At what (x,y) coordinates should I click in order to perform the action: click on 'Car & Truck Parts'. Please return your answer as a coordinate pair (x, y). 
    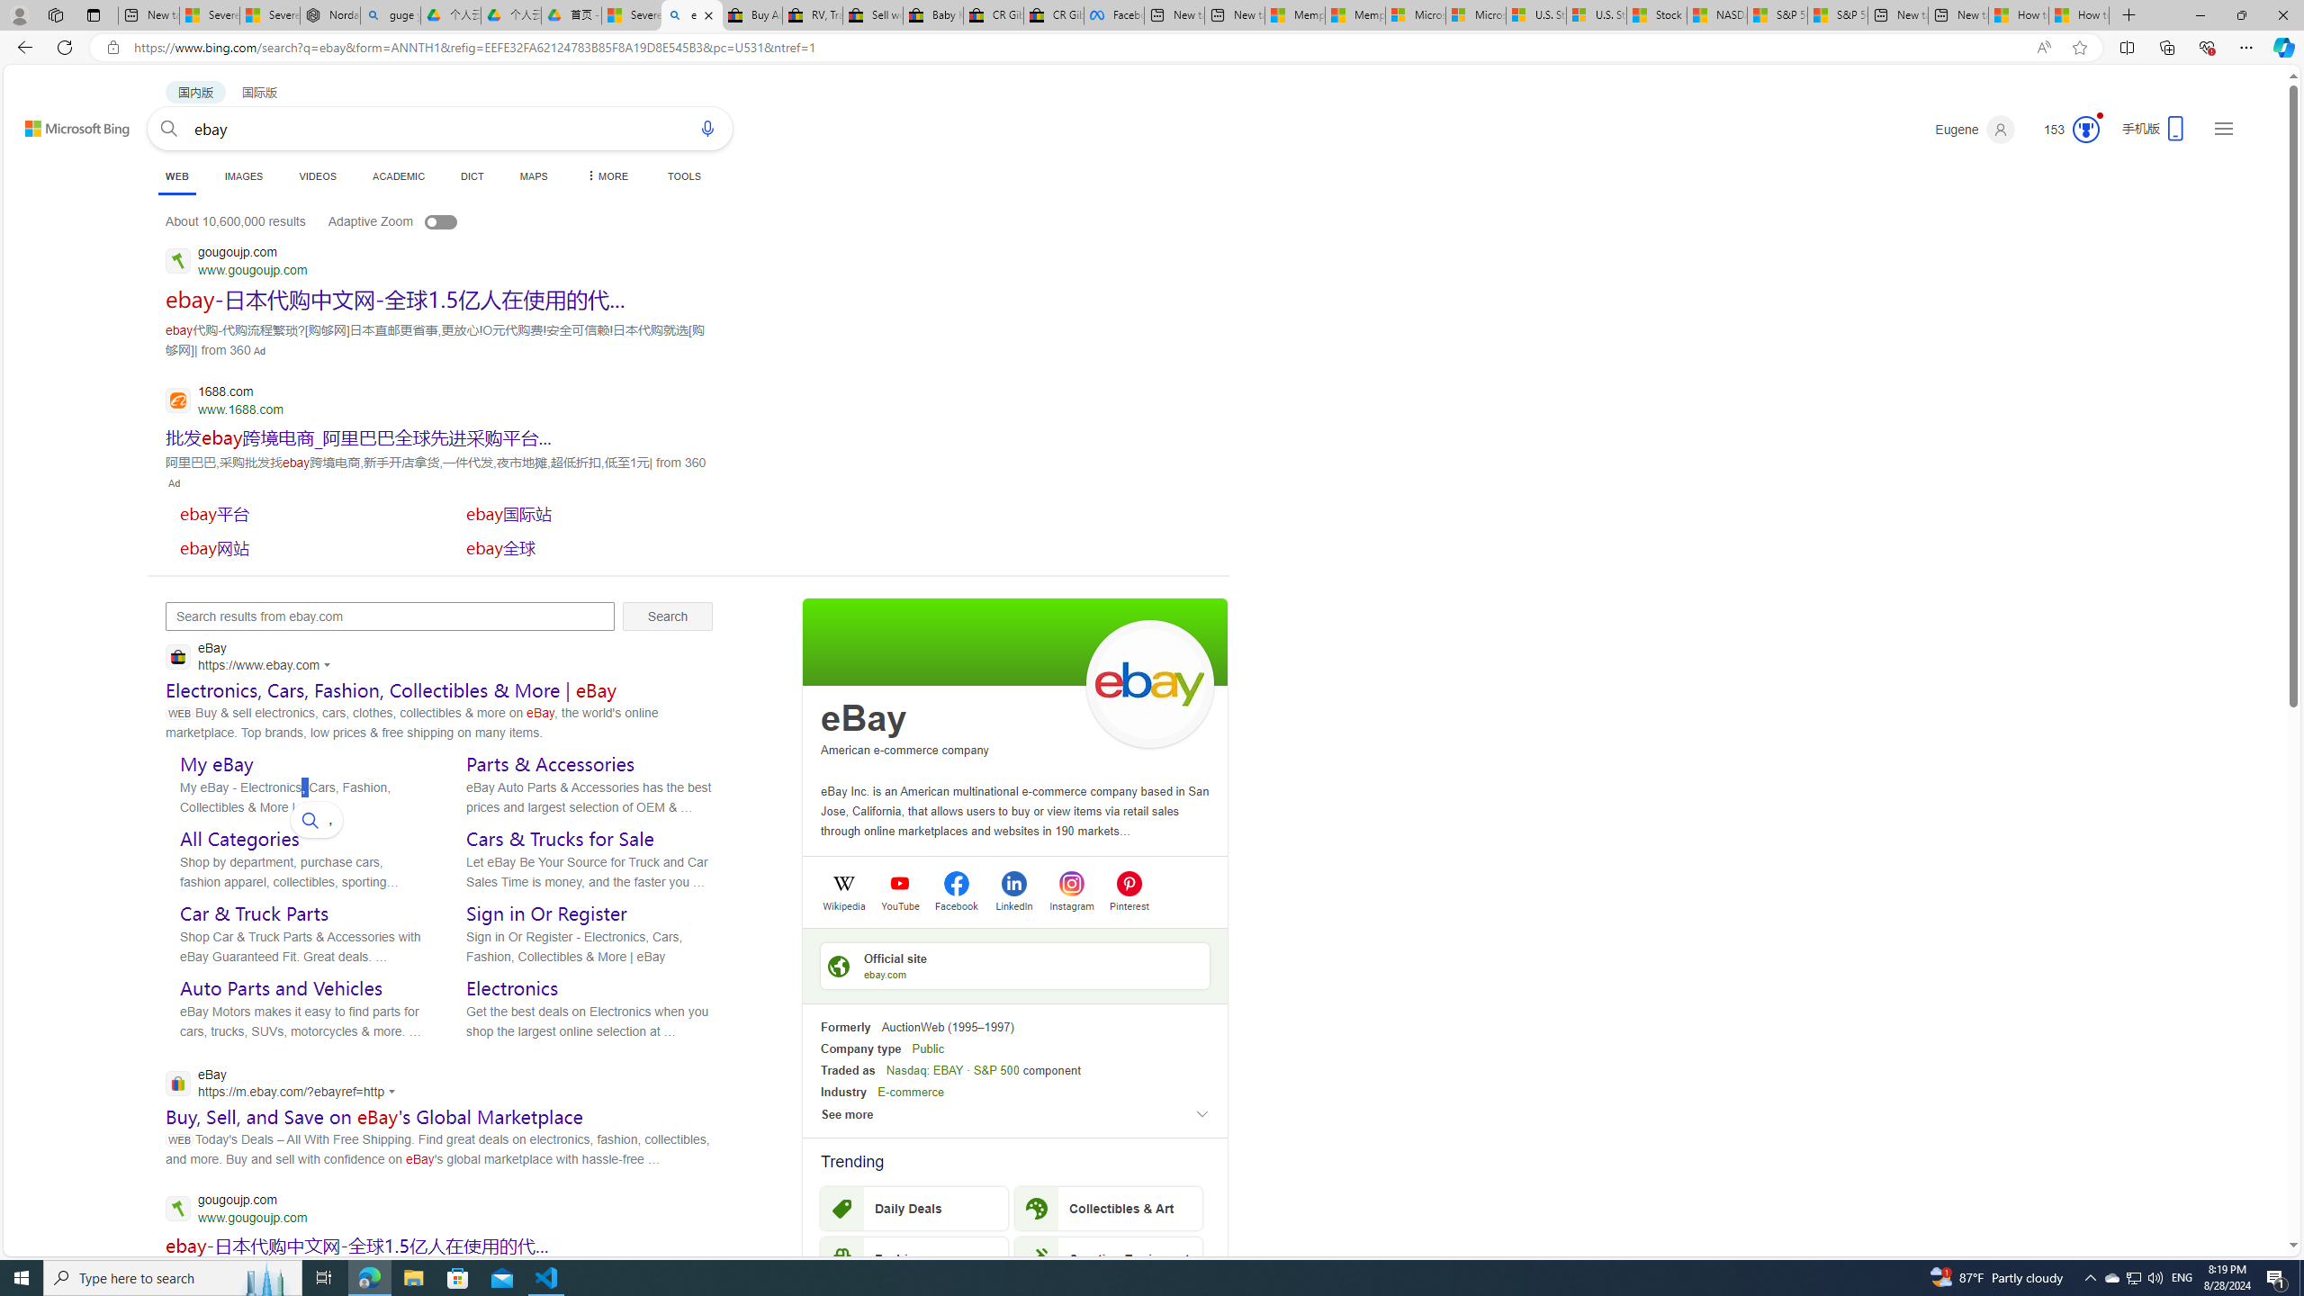
    Looking at the image, I should click on (253, 913).